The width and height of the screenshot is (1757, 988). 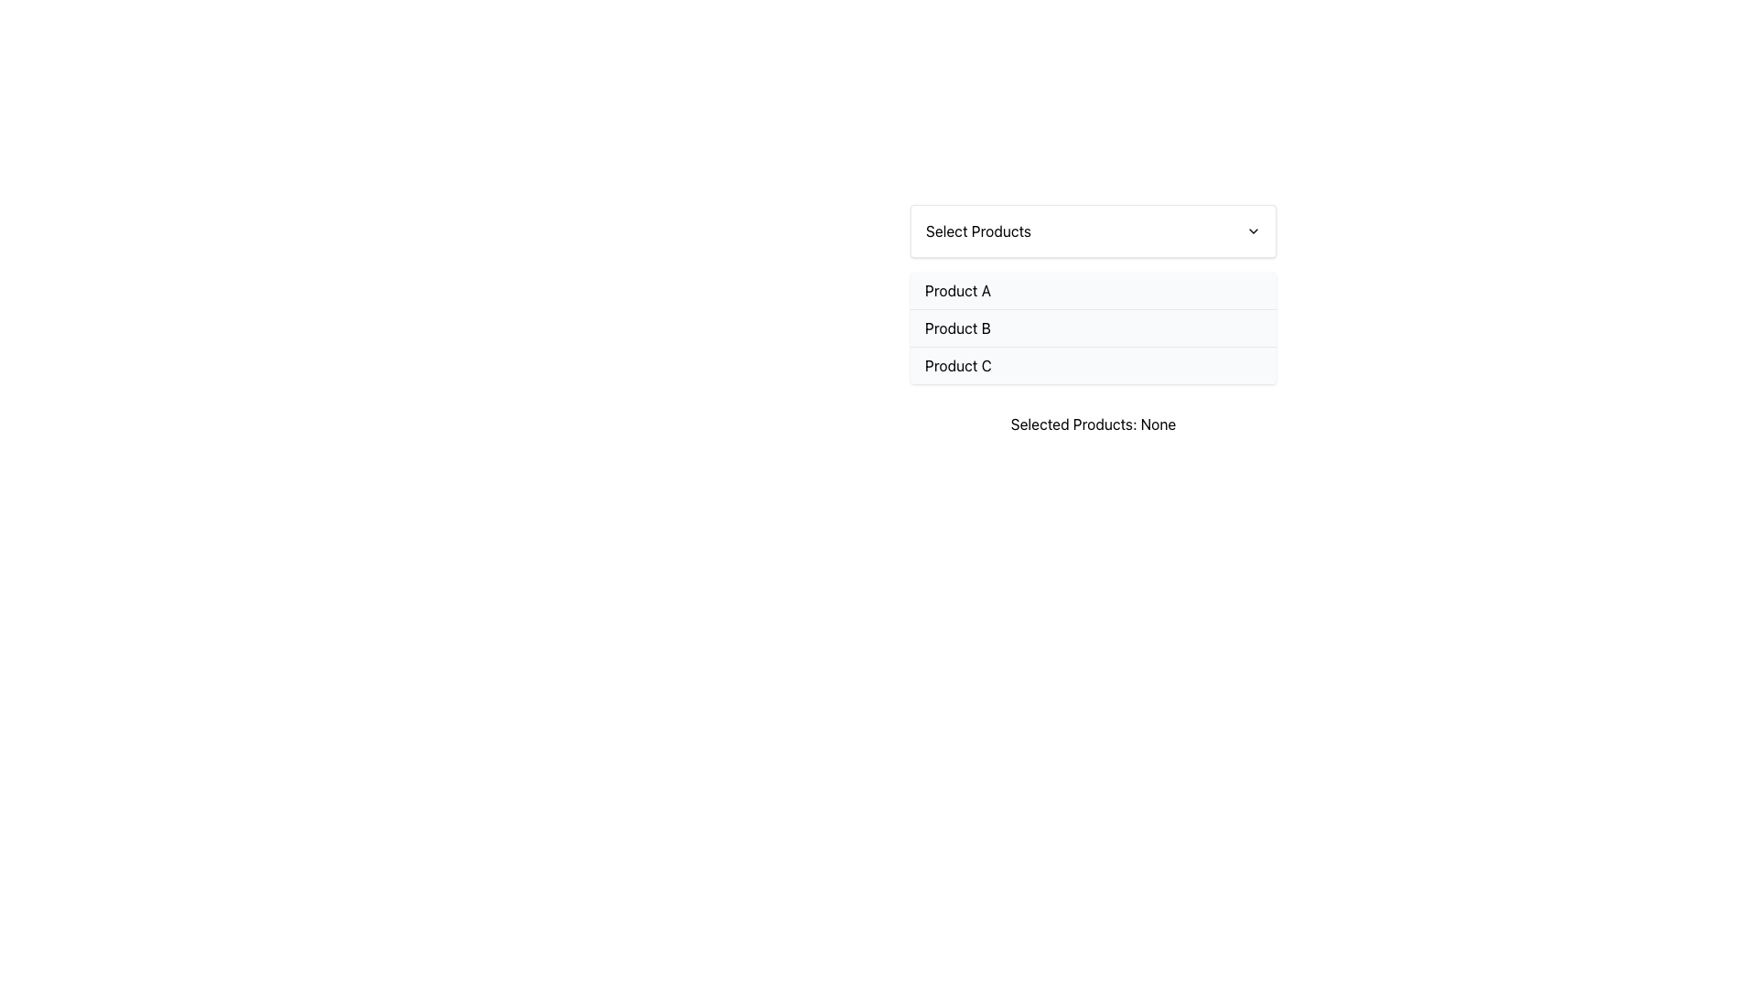 I want to click on the text label displaying 'Product A', so click(x=956, y=289).